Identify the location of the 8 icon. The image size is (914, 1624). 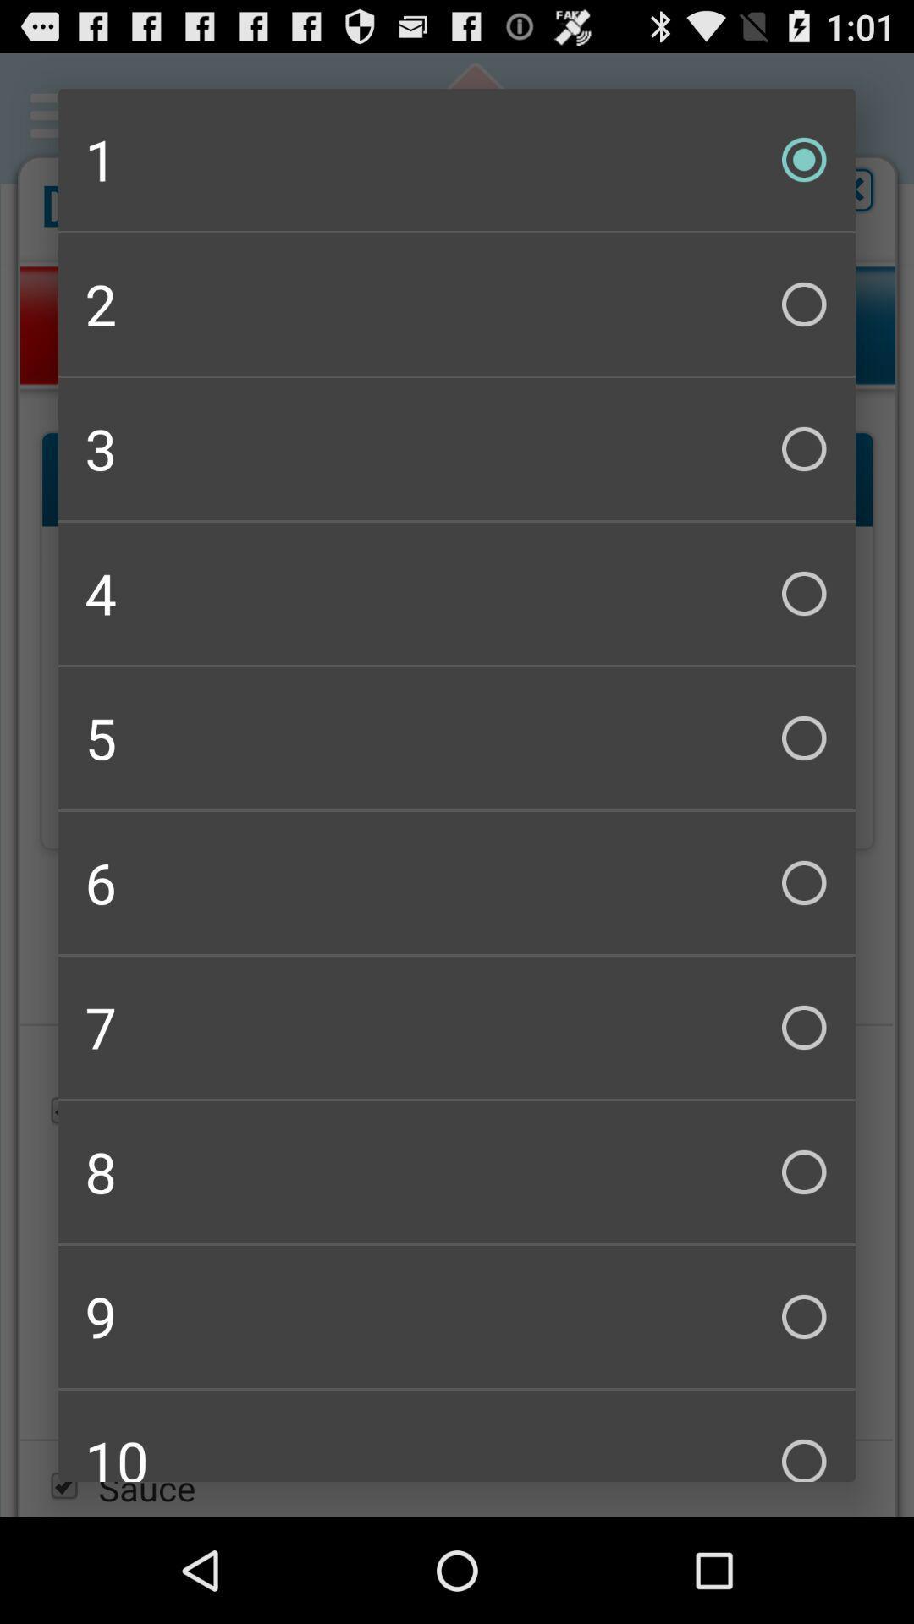
(457, 1171).